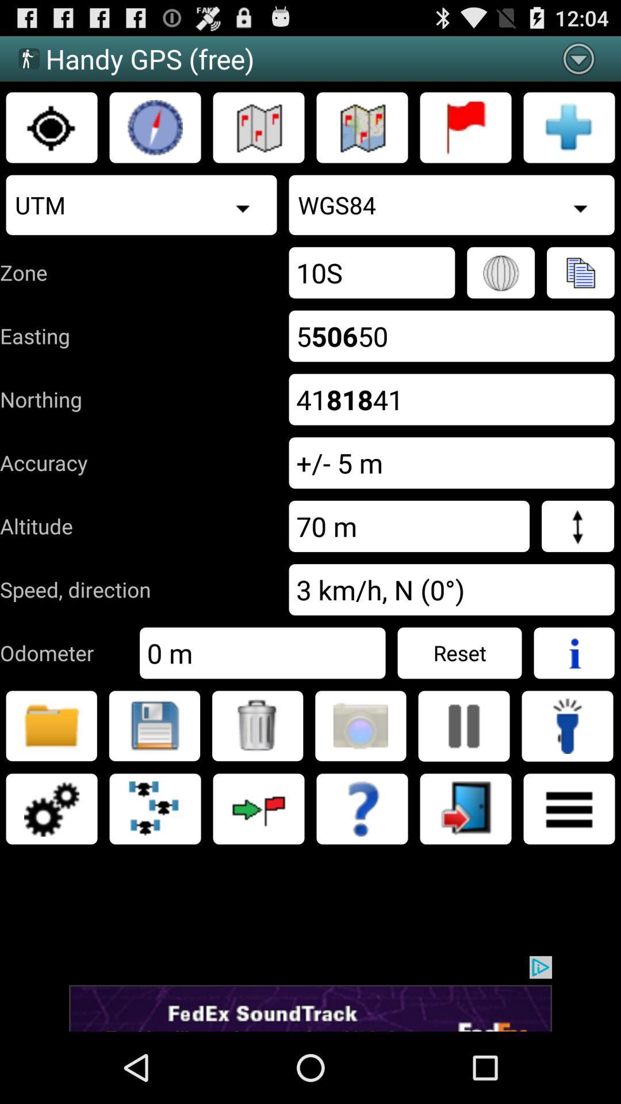 This screenshot has width=621, height=1104. I want to click on show map, so click(361, 127).